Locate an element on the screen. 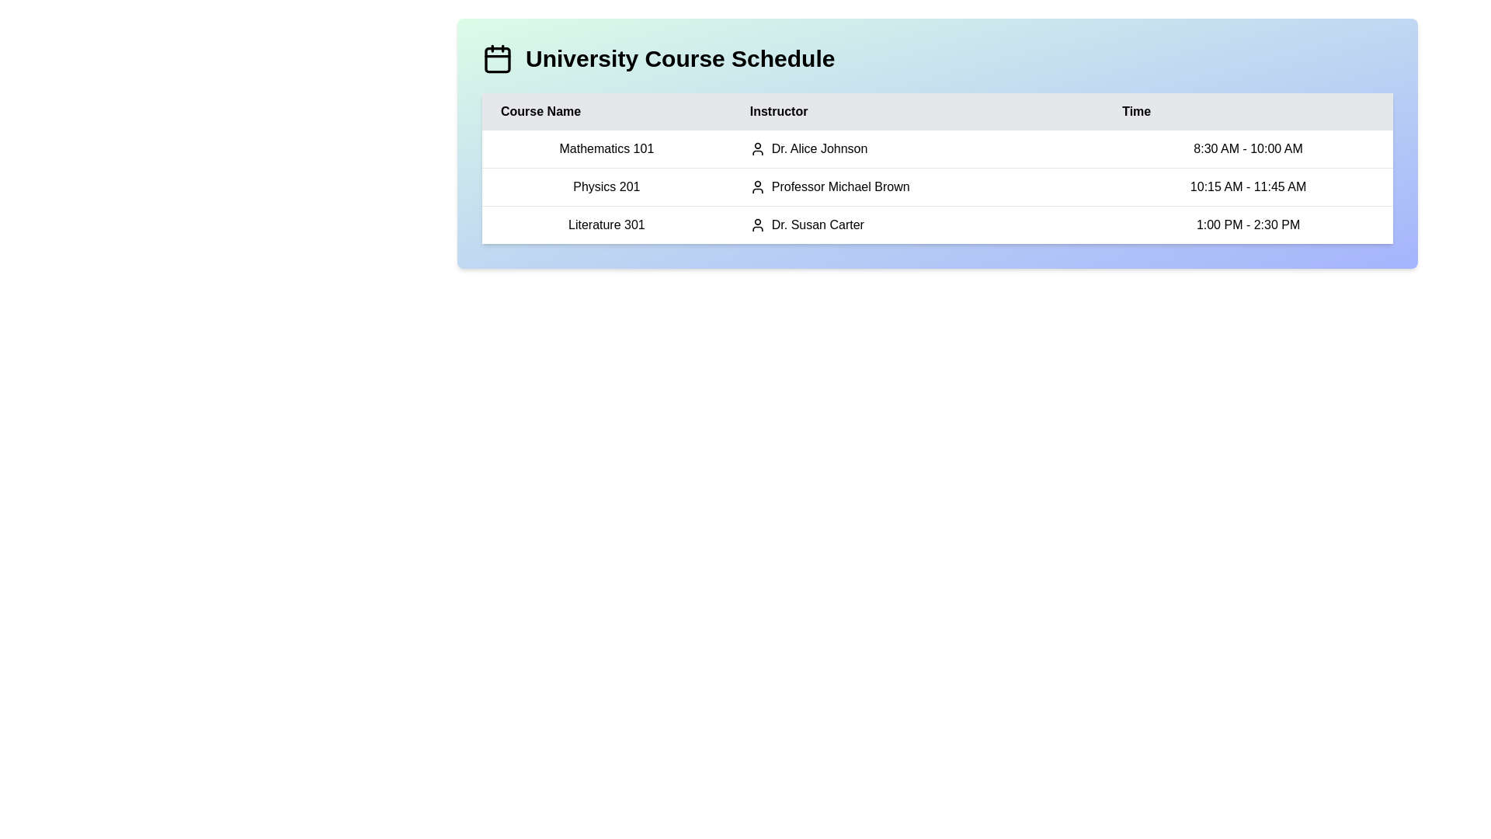 This screenshot has width=1491, height=839. the time slot label for the 'Literature 301' course, which is located in the right section of the schedule table under the 'Time' column is located at coordinates (1248, 225).